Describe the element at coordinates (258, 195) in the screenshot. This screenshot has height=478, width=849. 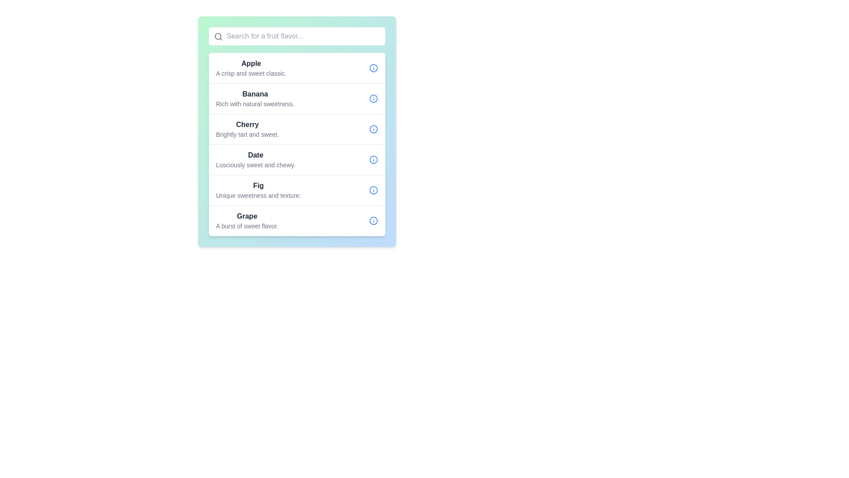
I see `the subtitle text description styled in a smaller font size and light gray color, located directly below the title 'Fig' in the list of fruit options` at that location.